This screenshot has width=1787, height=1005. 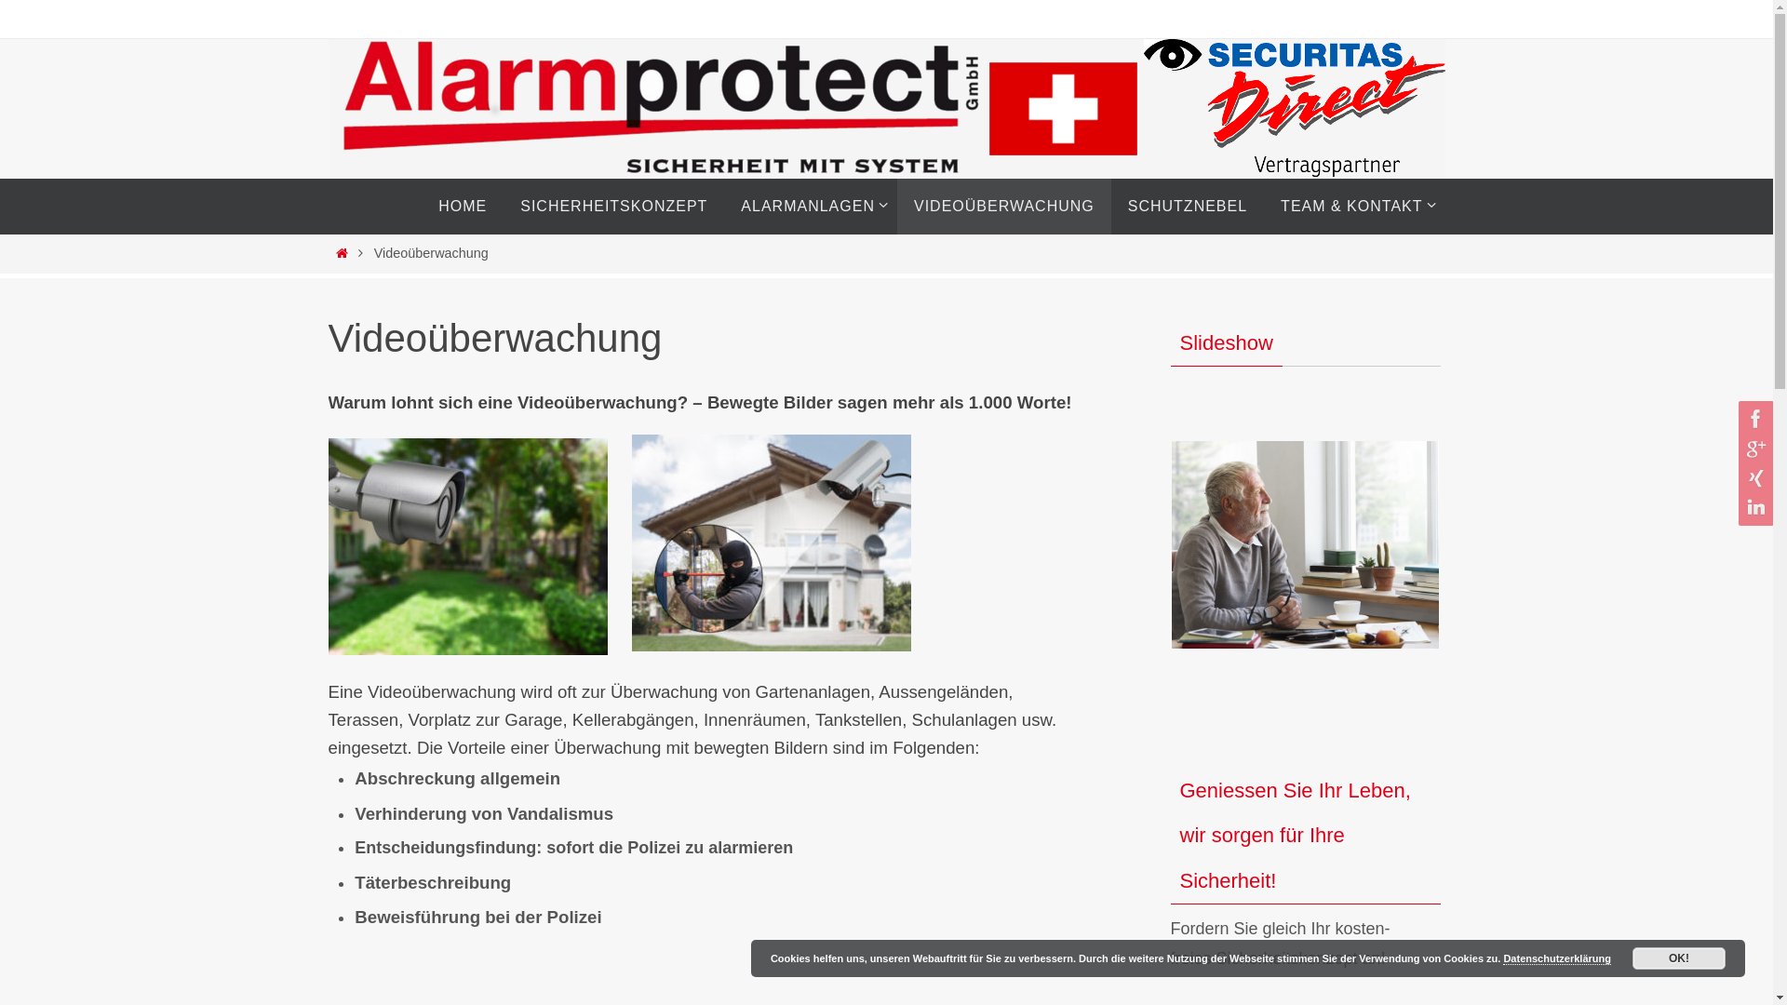 I want to click on 'GooglePlus', so click(x=1752, y=449).